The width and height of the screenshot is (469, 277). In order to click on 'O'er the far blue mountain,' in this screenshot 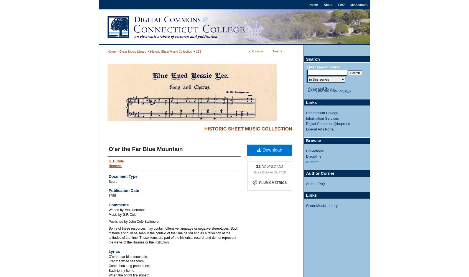, I will do `click(128, 257)`.